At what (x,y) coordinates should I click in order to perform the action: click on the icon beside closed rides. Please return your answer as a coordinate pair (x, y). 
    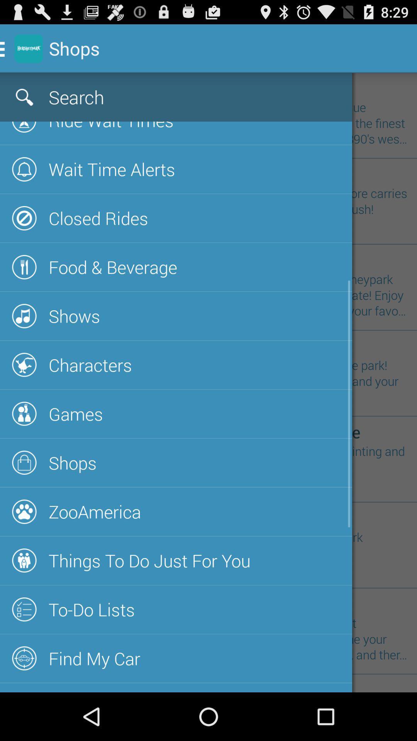
    Looking at the image, I should click on (24, 218).